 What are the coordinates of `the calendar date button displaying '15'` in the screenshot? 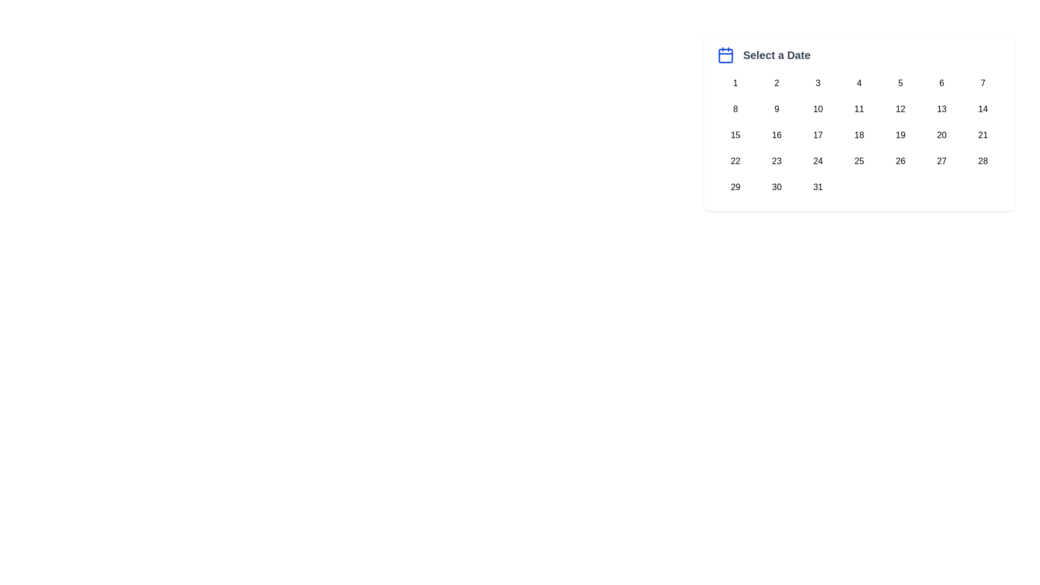 It's located at (736, 135).